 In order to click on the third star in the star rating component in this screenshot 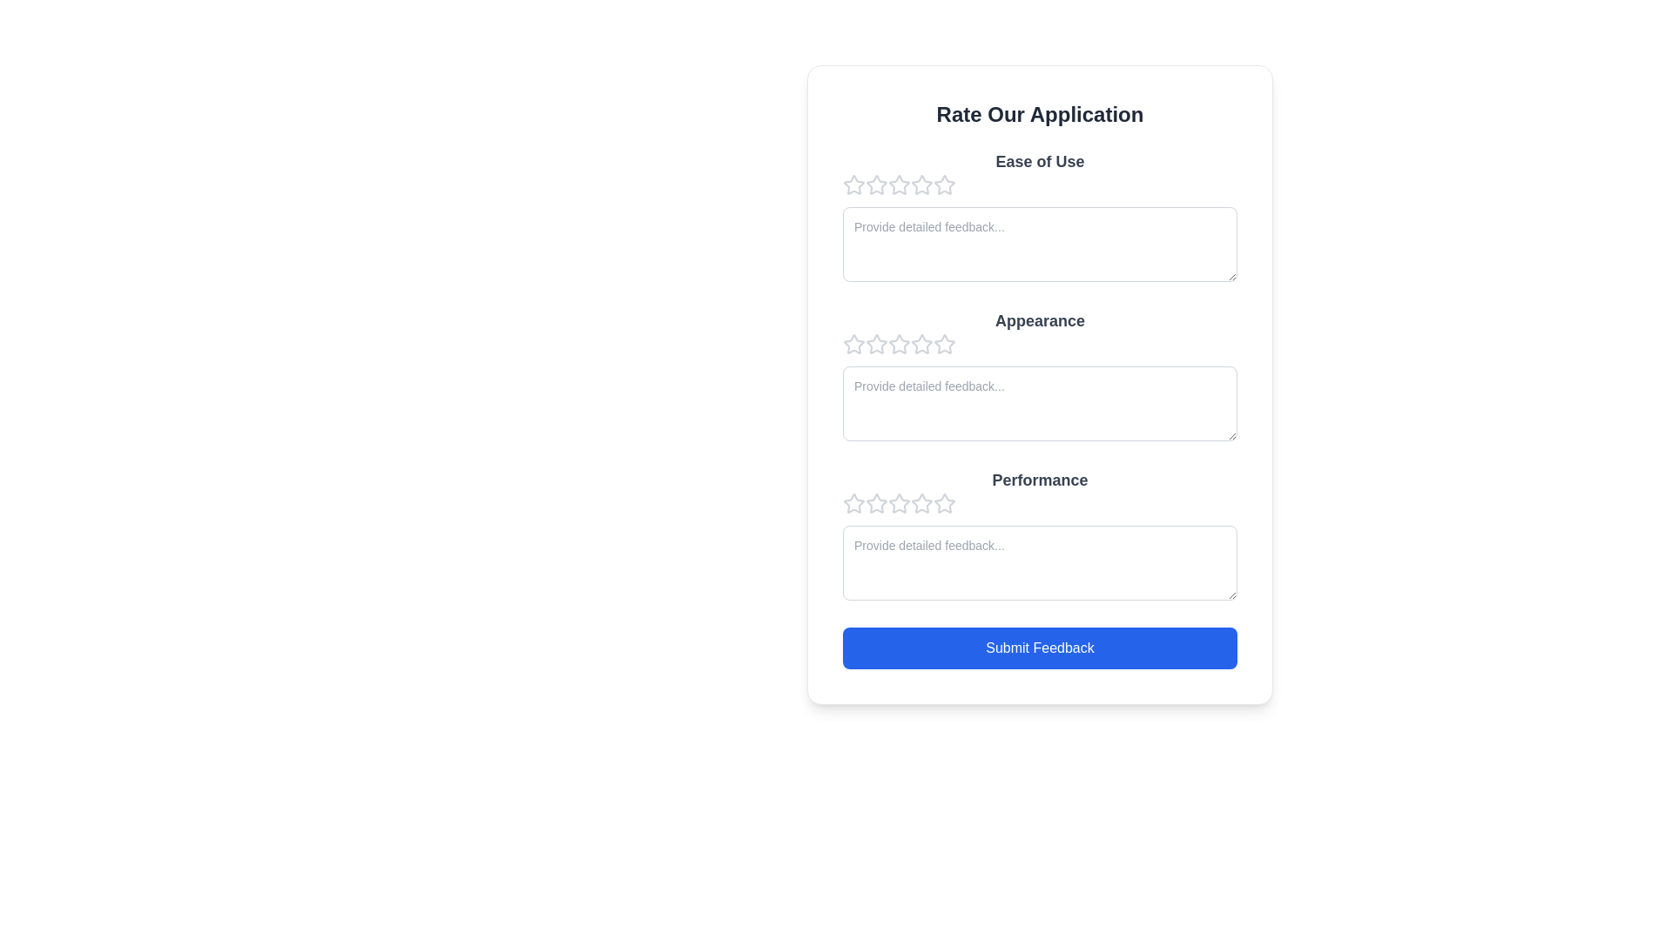, I will do `click(943, 503)`.